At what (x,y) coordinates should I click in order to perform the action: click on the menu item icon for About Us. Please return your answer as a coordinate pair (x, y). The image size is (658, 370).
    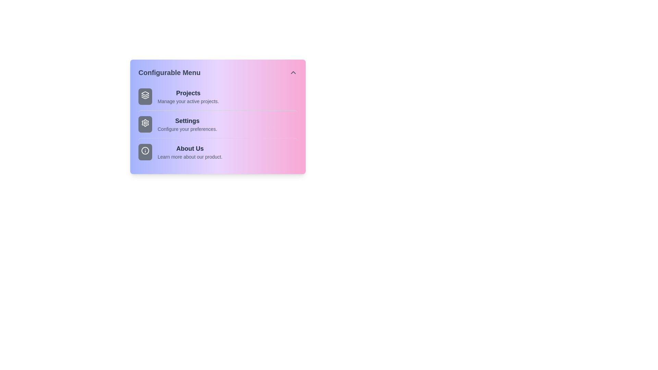
    Looking at the image, I should click on (145, 151).